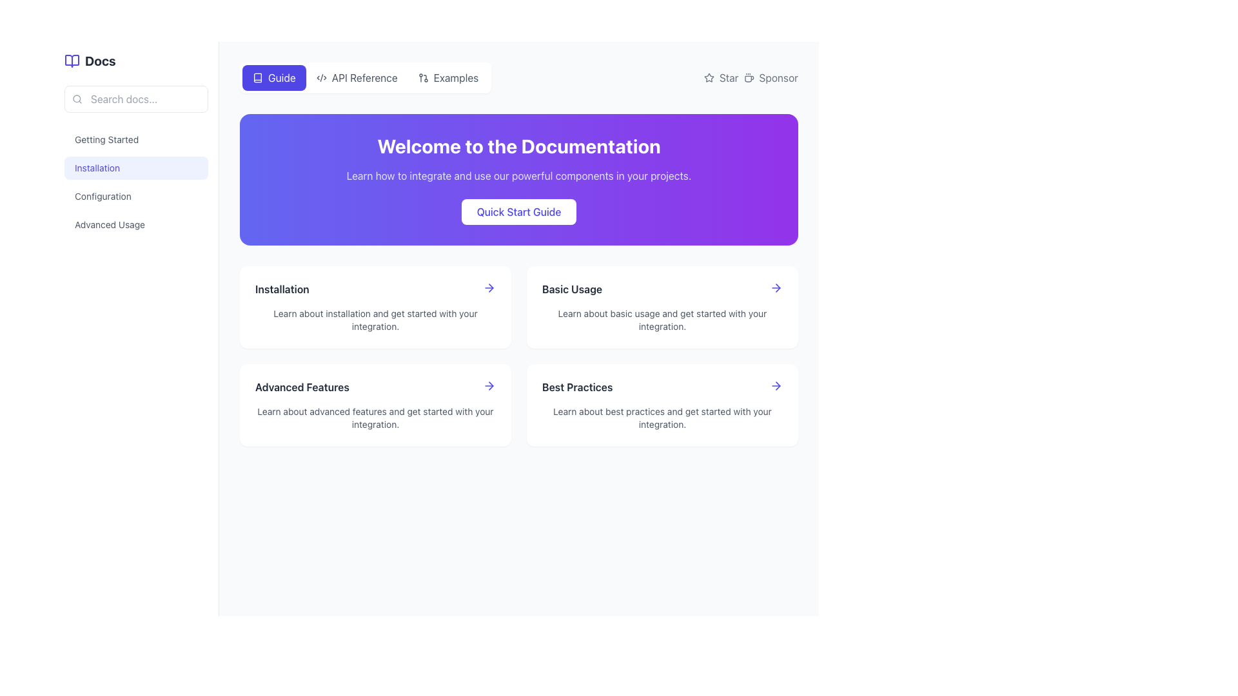 Image resolution: width=1238 pixels, height=696 pixels. I want to click on the minimalist 'pull request' icon located in the 'Examples' item of the header menu, positioned to the left of the text 'Examples', so click(423, 77).